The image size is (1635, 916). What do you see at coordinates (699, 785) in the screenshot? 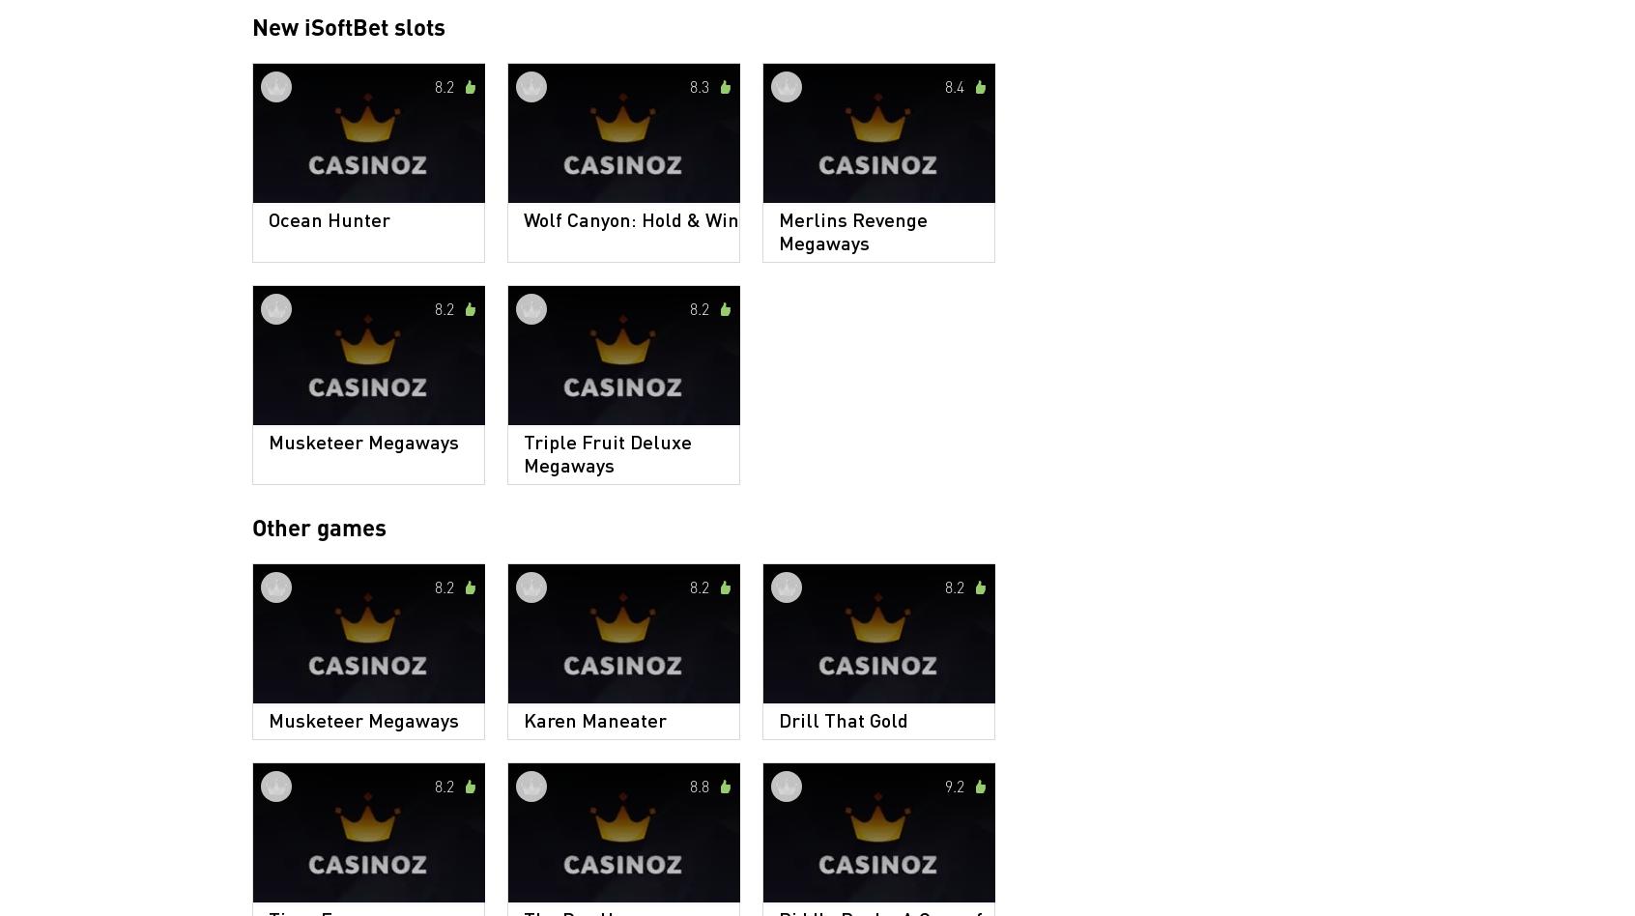
I see `'8.8'` at bounding box center [699, 785].